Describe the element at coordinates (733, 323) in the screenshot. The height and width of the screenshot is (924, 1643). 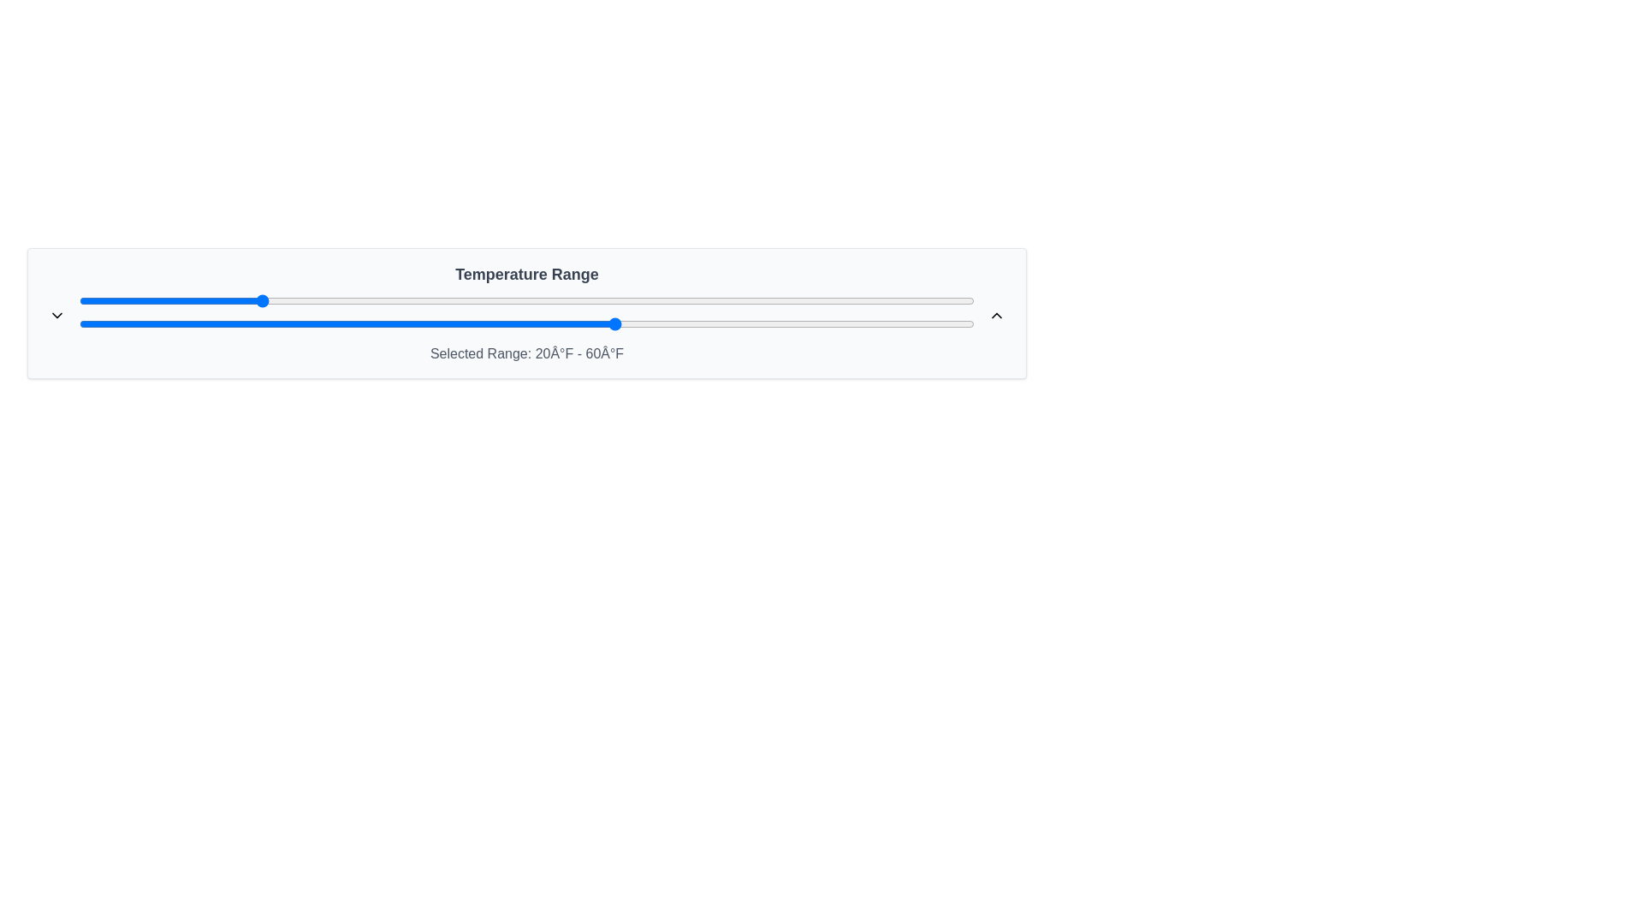
I see `the slider` at that location.